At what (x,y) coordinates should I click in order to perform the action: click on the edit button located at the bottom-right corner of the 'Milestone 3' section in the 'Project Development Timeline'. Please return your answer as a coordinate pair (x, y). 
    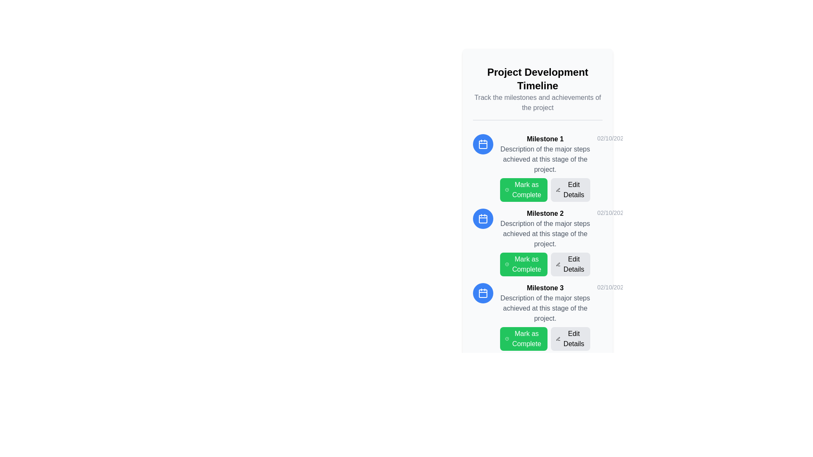
    Looking at the image, I should click on (571, 339).